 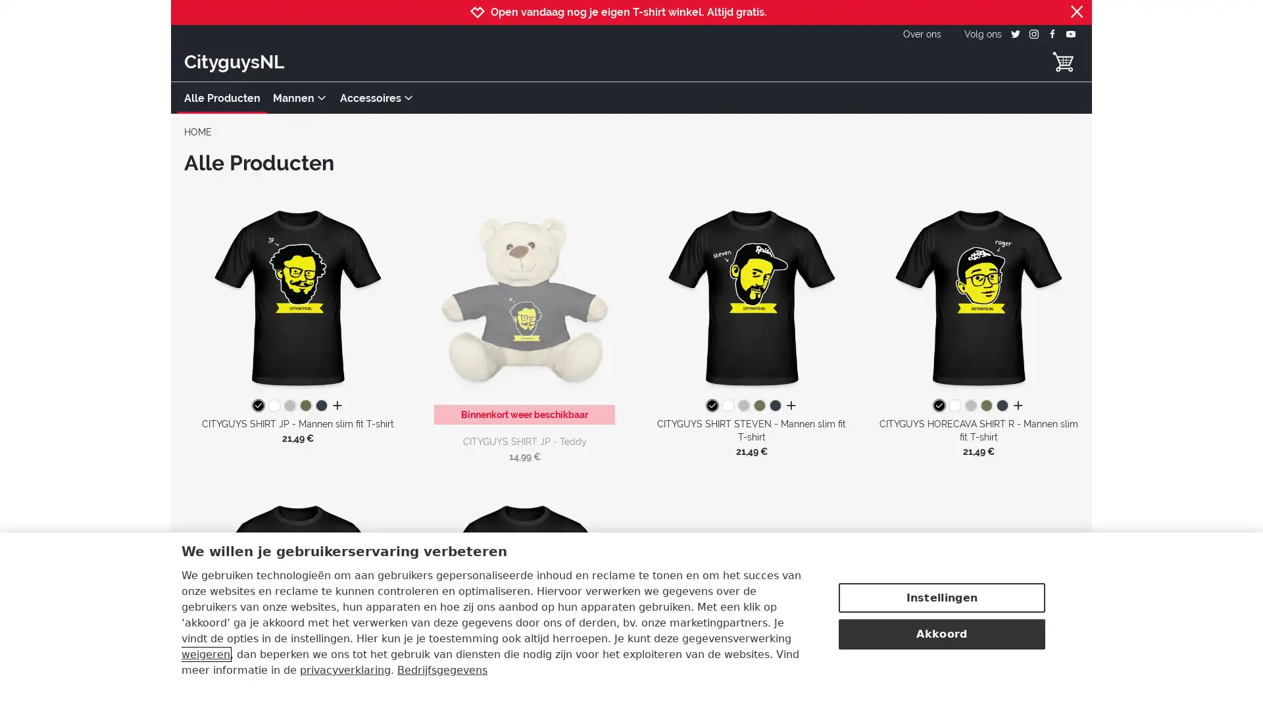 What do you see at coordinates (258, 406) in the screenshot?
I see `zwart` at bounding box center [258, 406].